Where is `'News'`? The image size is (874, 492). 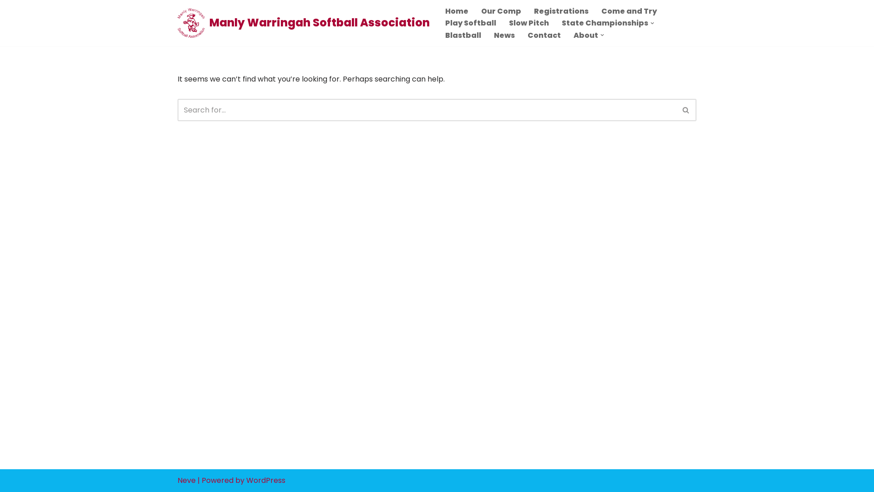 'News' is located at coordinates (493, 35).